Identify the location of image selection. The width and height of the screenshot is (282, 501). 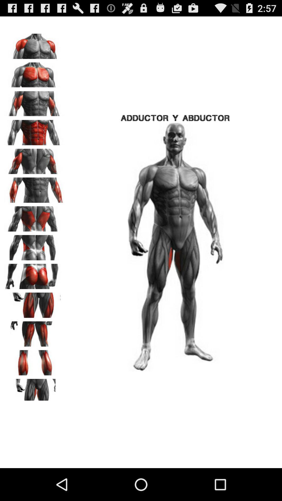
(34, 217).